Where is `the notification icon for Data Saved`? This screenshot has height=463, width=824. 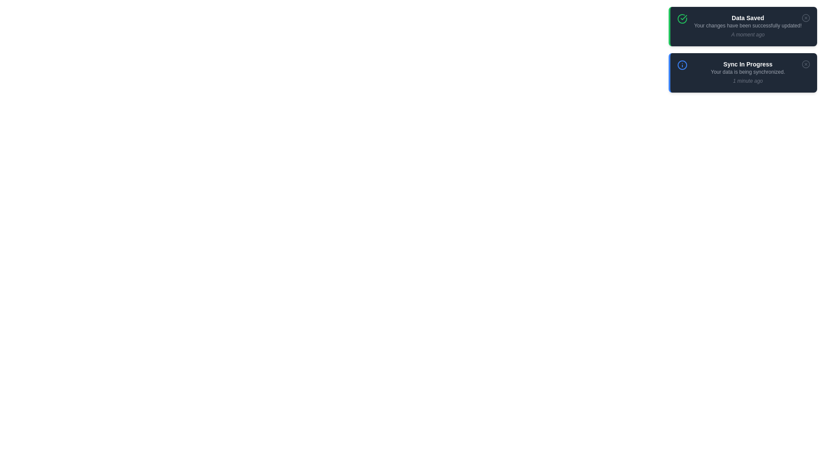 the notification icon for Data Saved is located at coordinates (682, 18).